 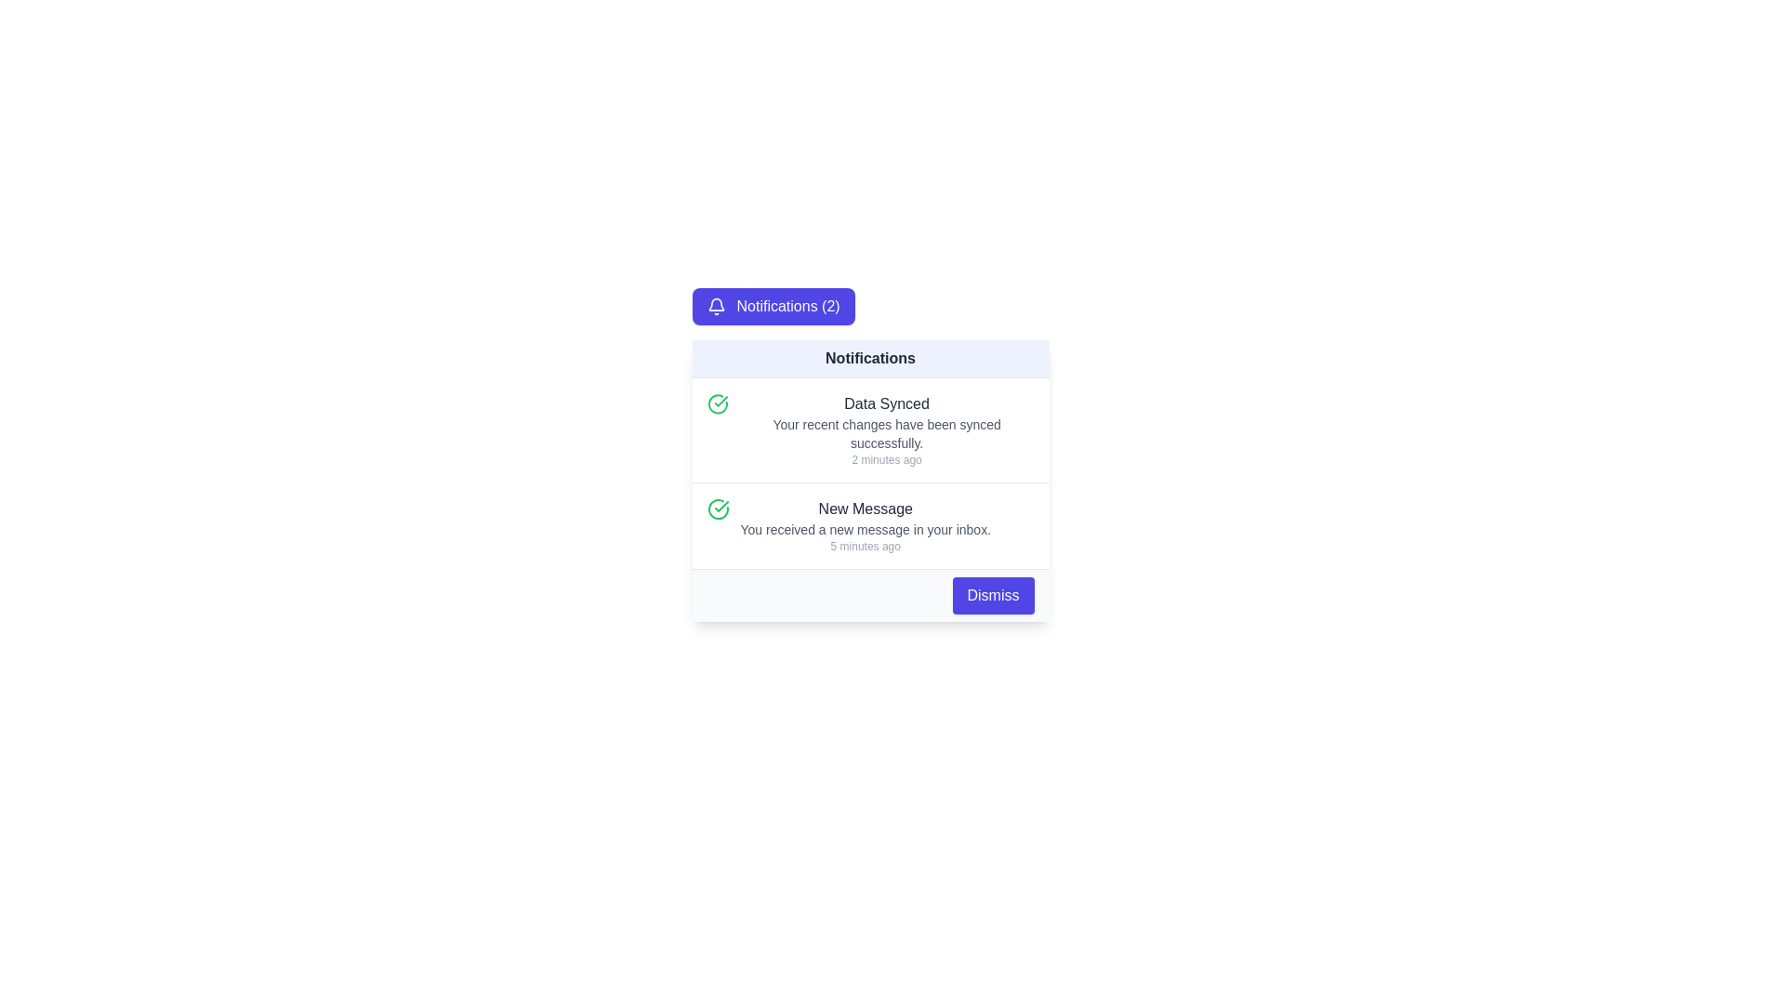 What do you see at coordinates (717, 509) in the screenshot?
I see `the success icon indicating data synchronization located in the first notification entry of the dropdown menu next to the text 'Data Synced'` at bounding box center [717, 509].